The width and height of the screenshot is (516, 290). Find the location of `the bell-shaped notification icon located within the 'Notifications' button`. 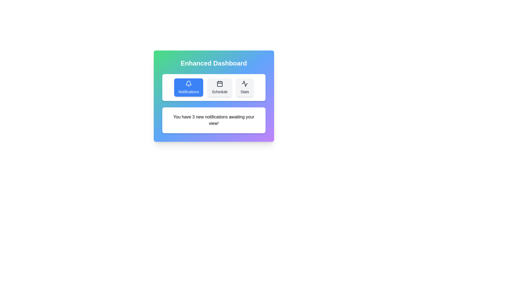

the bell-shaped notification icon located within the 'Notifications' button is located at coordinates (189, 83).